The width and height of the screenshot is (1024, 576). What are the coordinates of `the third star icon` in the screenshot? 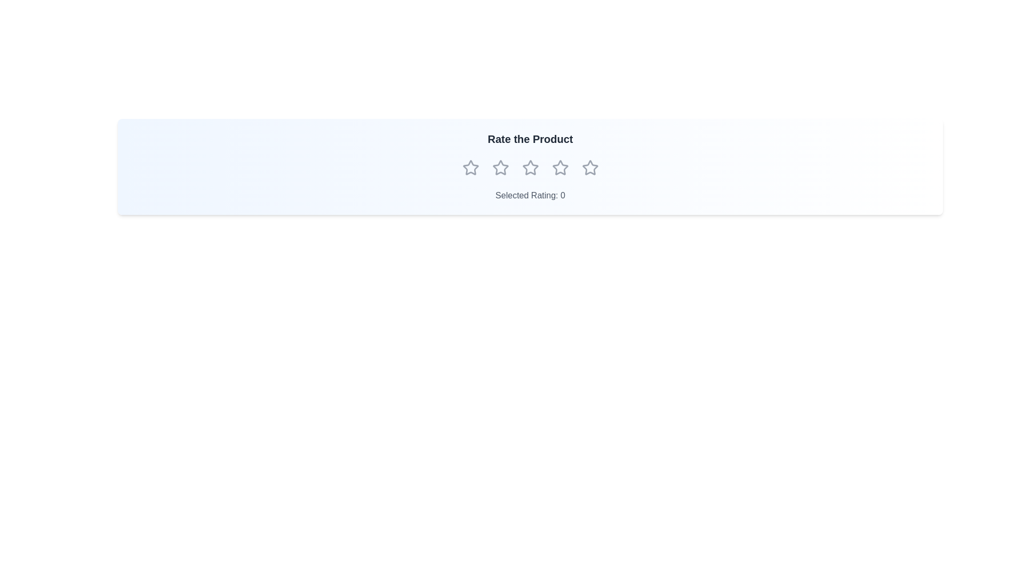 It's located at (530, 167).